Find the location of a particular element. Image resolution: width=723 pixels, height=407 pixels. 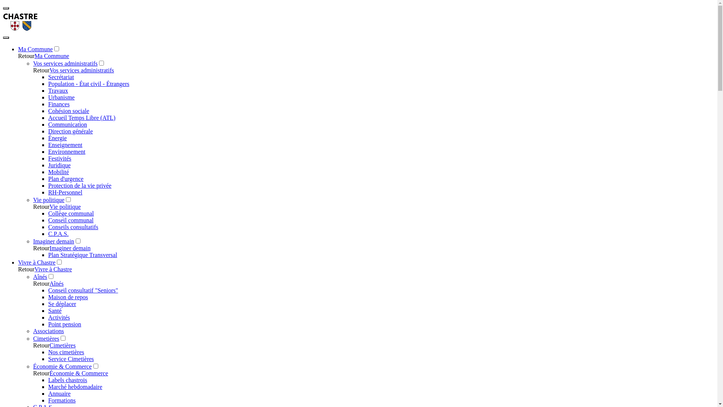

'Urbanisme' is located at coordinates (61, 97).